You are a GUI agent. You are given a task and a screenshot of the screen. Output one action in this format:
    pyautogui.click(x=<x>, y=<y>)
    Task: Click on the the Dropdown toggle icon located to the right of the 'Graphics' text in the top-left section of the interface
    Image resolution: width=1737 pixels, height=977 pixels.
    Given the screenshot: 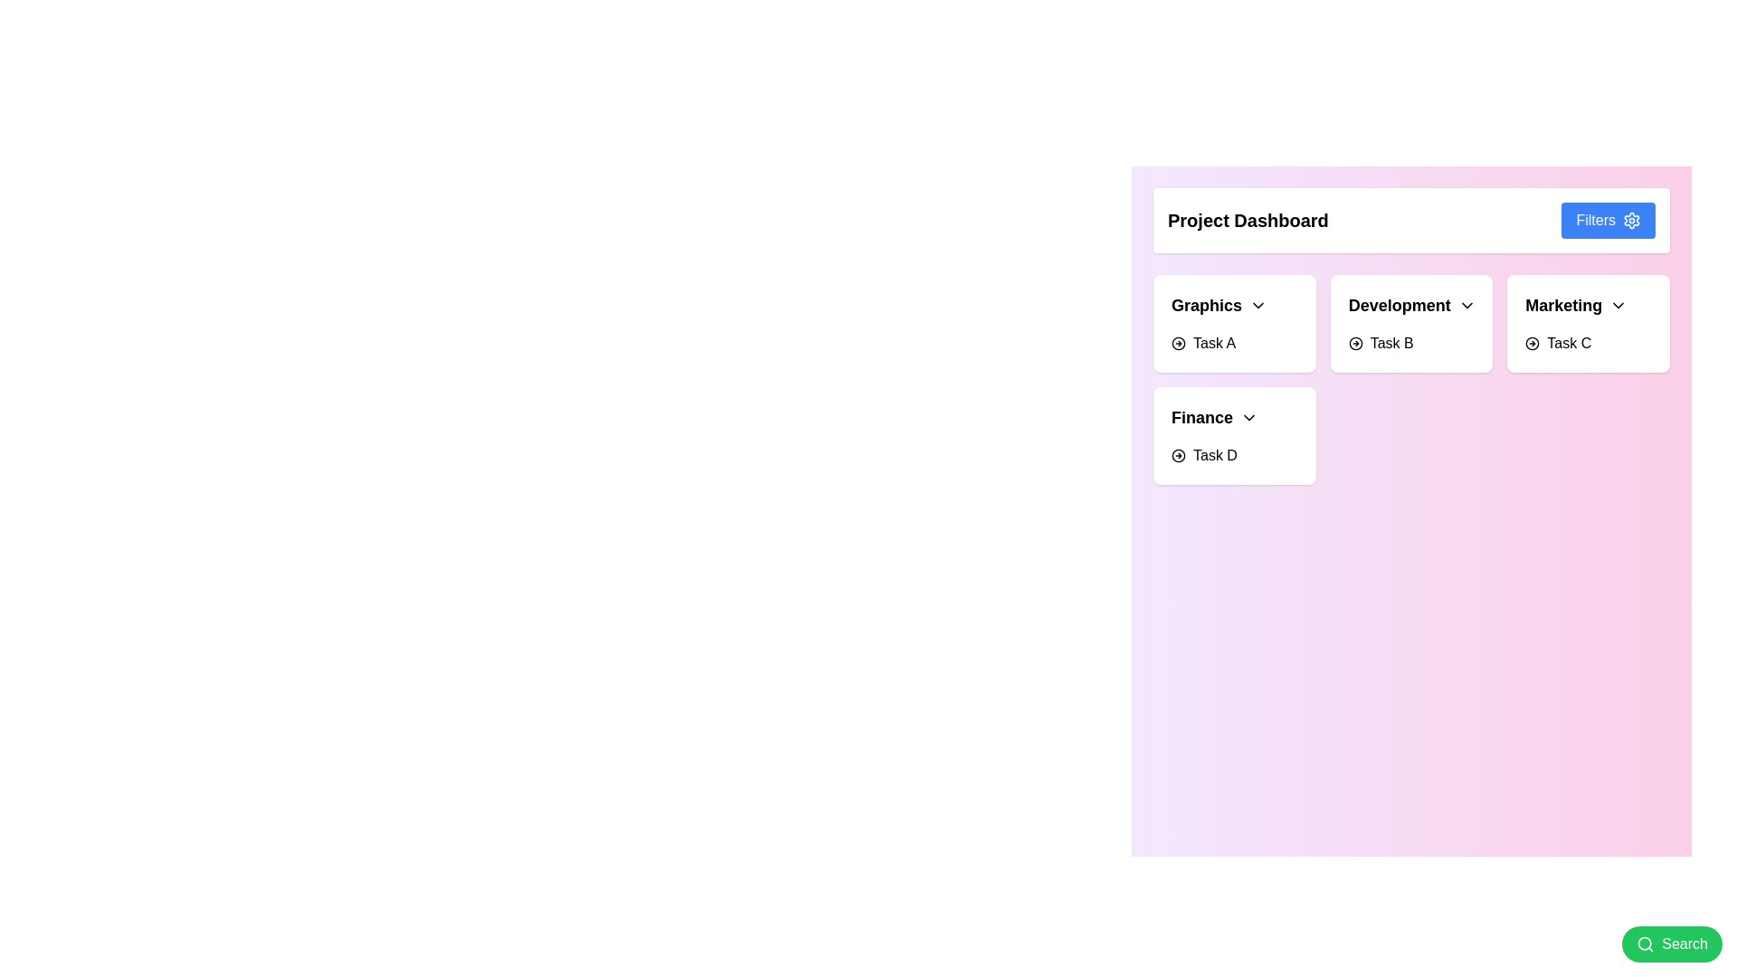 What is the action you would take?
    pyautogui.click(x=1258, y=305)
    